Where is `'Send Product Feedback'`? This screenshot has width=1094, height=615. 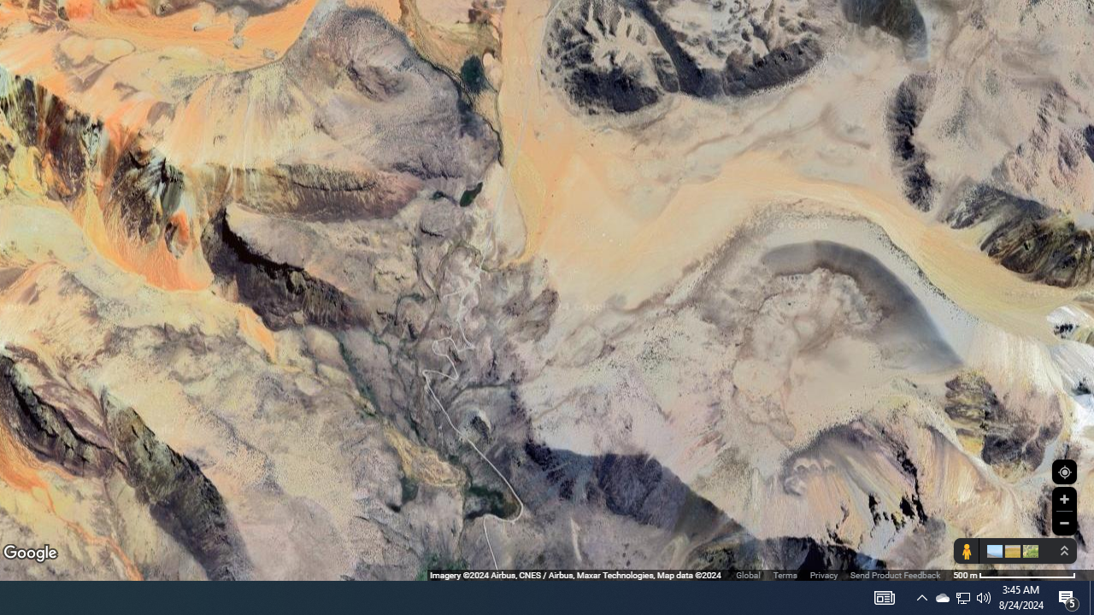
'Send Product Feedback' is located at coordinates (894, 575).